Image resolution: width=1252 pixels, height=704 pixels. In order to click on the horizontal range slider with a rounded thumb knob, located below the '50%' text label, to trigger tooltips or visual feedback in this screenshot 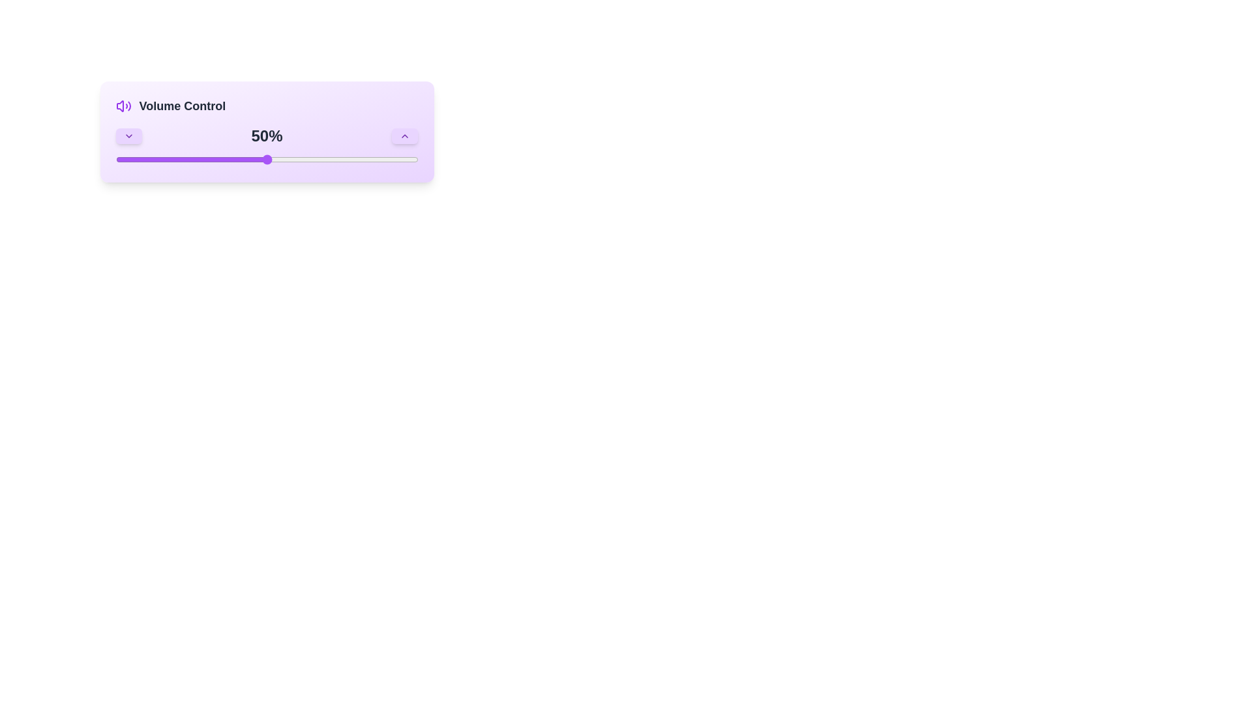, I will do `click(266, 159)`.